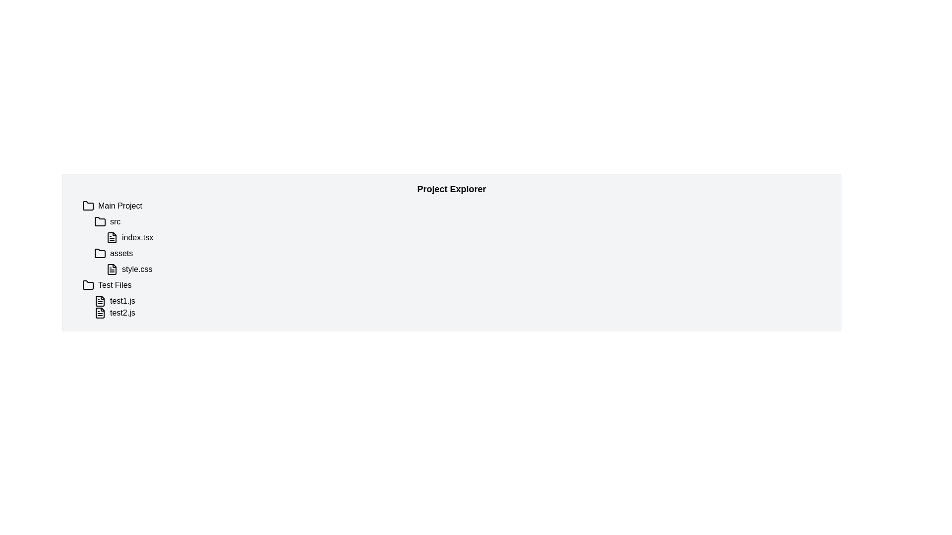 The height and width of the screenshot is (535, 952). What do you see at coordinates (100, 253) in the screenshot?
I see `the folder icon representing a directory in the file explorer interface, located to the left of the text label 'assets'` at bounding box center [100, 253].